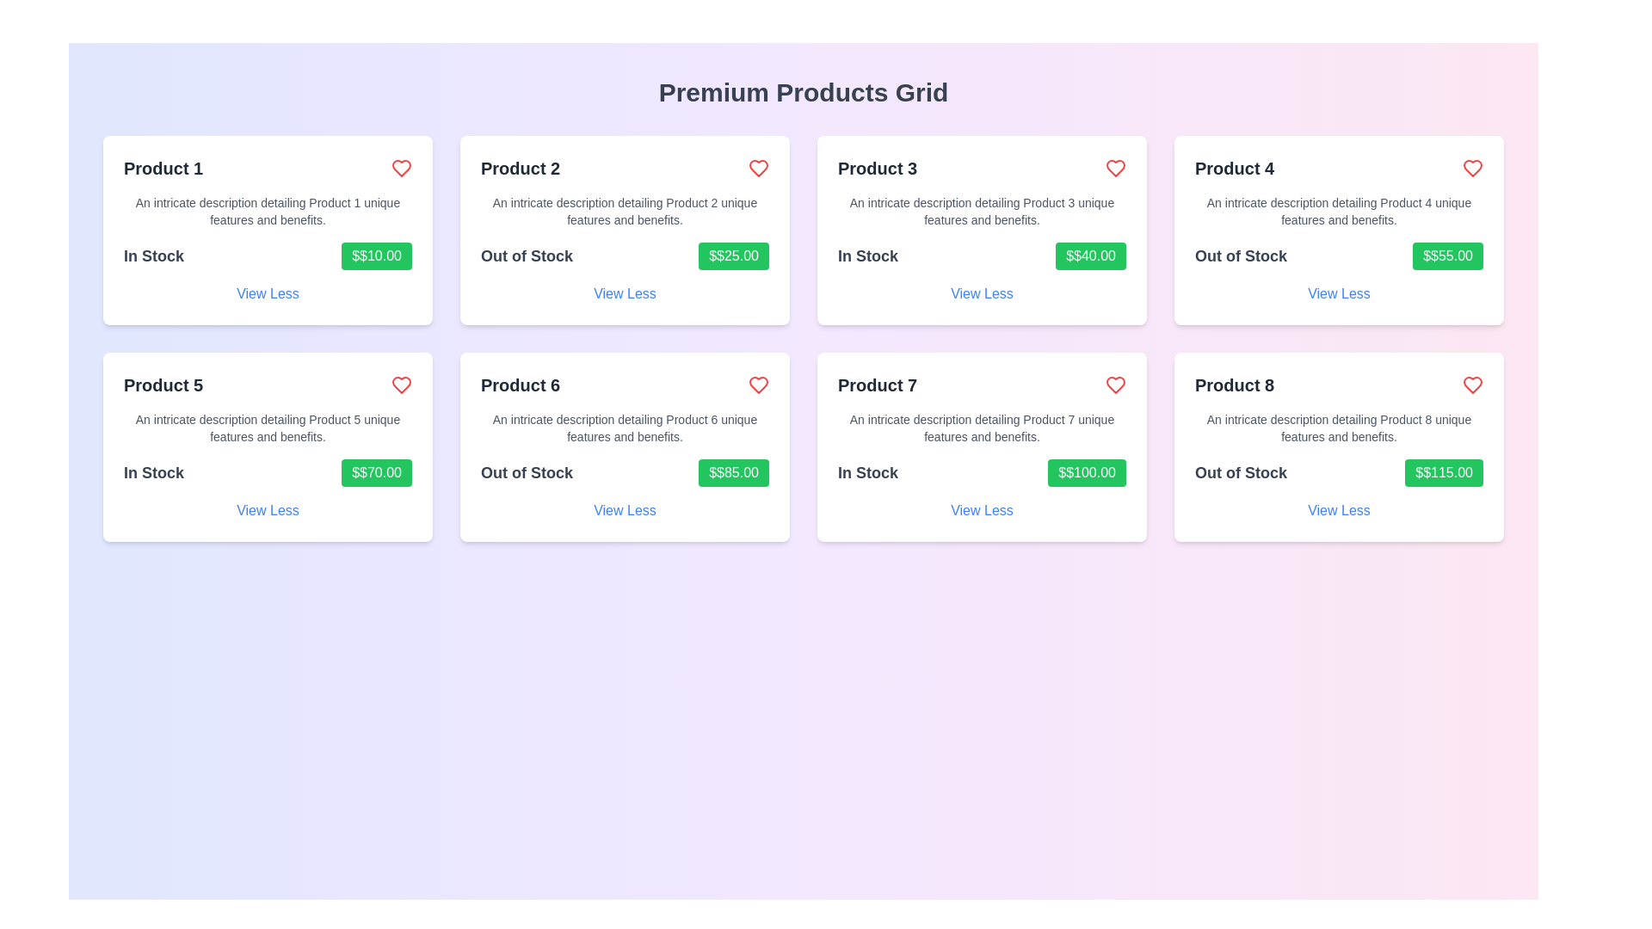  Describe the element at coordinates (1115, 384) in the screenshot. I see `the toggle button to mark or unmark 'Product 7' as a favorite item, located at the top-right corner of its card, adjacent to the text 'Product 7'` at that location.